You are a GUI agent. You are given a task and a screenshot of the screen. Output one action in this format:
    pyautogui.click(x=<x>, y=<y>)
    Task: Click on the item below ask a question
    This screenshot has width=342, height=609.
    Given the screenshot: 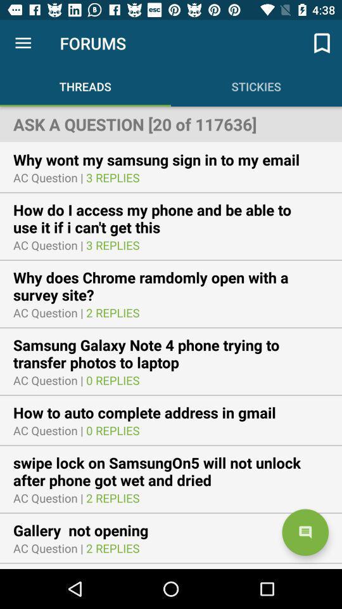 What is the action you would take?
    pyautogui.click(x=165, y=159)
    